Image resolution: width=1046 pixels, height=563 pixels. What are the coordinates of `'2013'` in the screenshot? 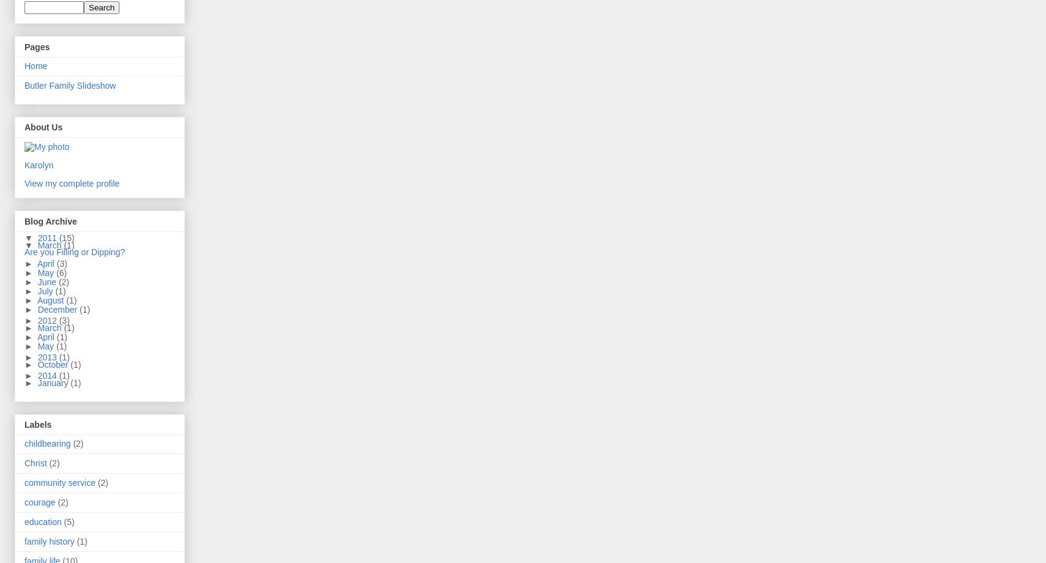 It's located at (36, 357).